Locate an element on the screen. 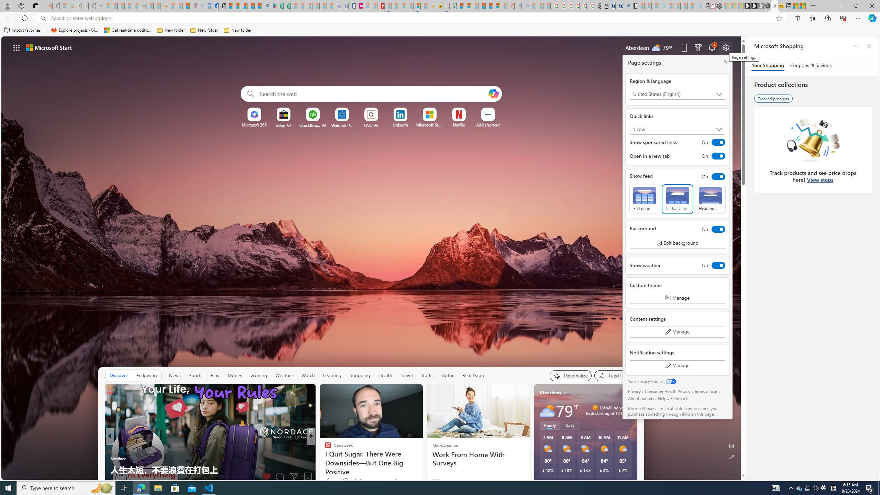 This screenshot has width=880, height=495. 'Cheap Hotels - Save70.com - Sleeping' is located at coordinates (344, 5).